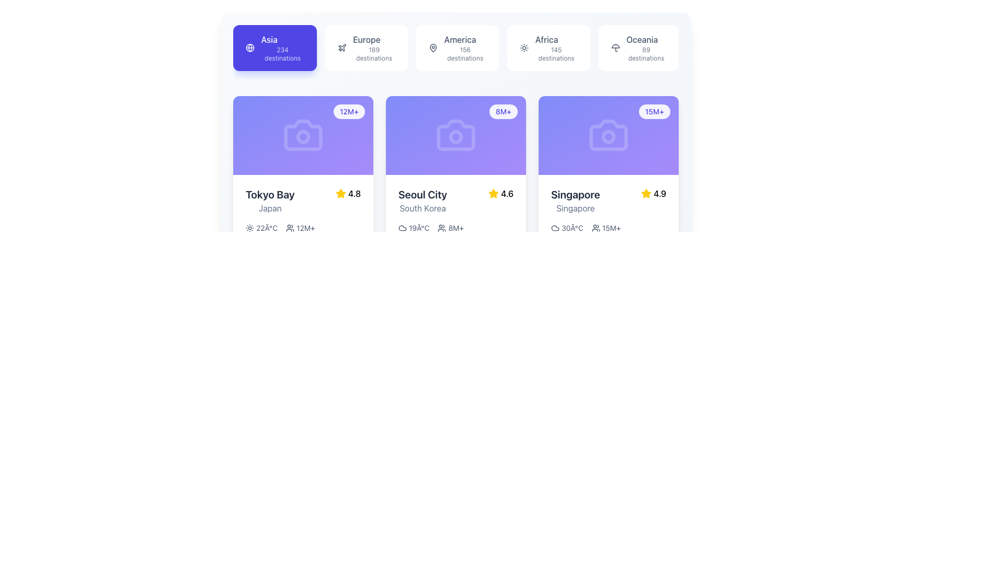  I want to click on the first interactive card for browsing destinations in Asia, so click(275, 48).